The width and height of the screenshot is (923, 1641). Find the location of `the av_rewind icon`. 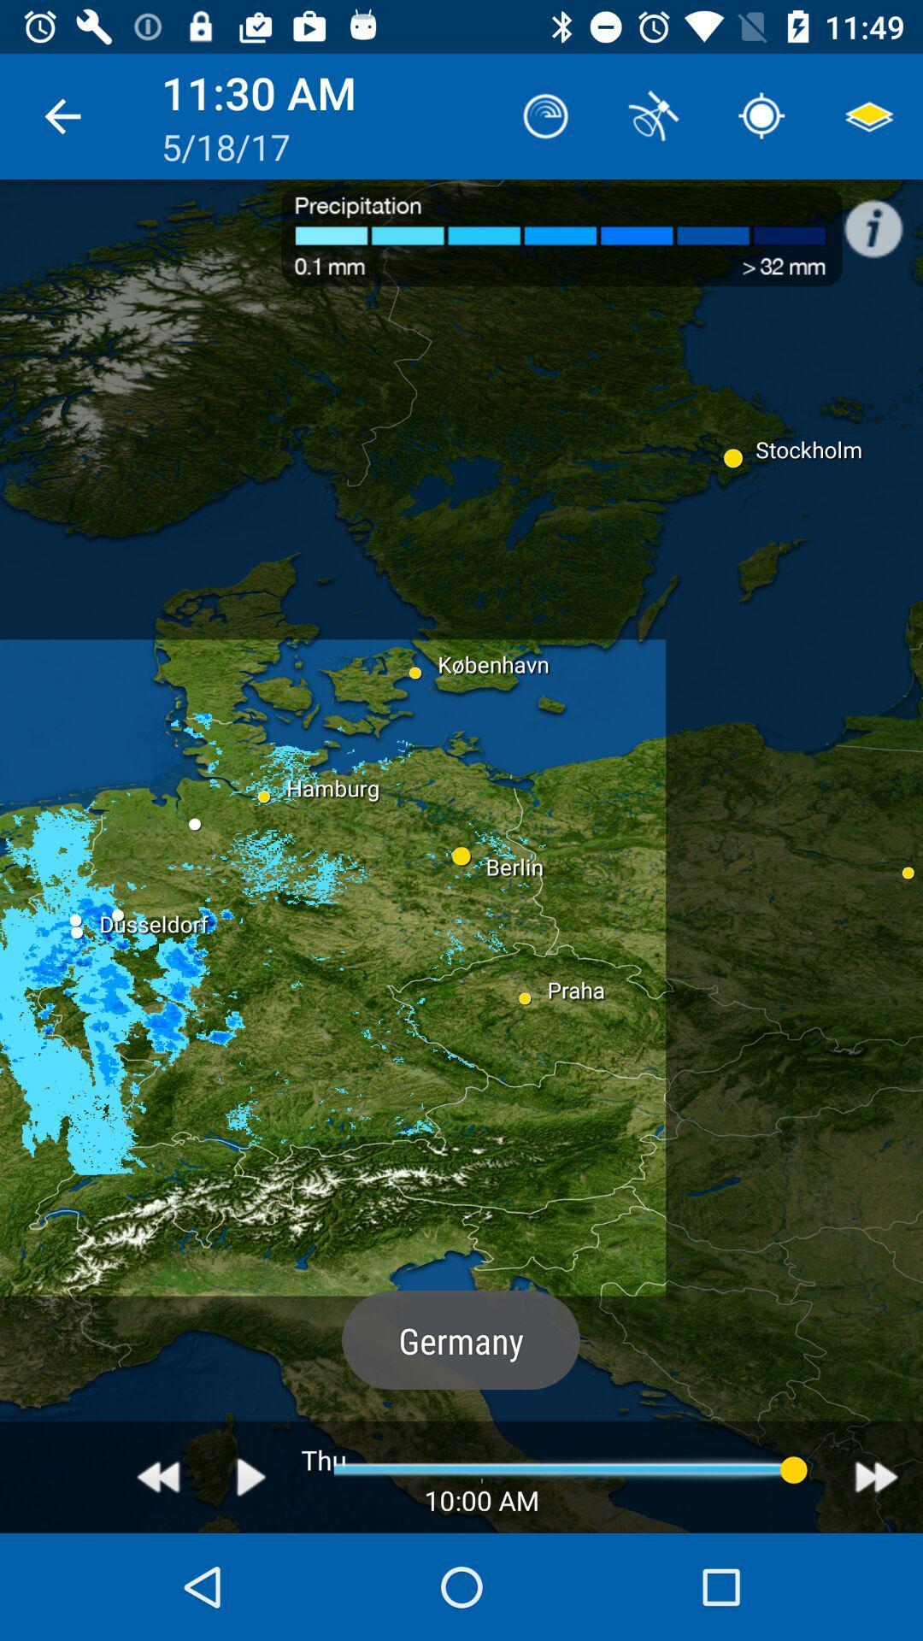

the av_rewind icon is located at coordinates (158, 1476).